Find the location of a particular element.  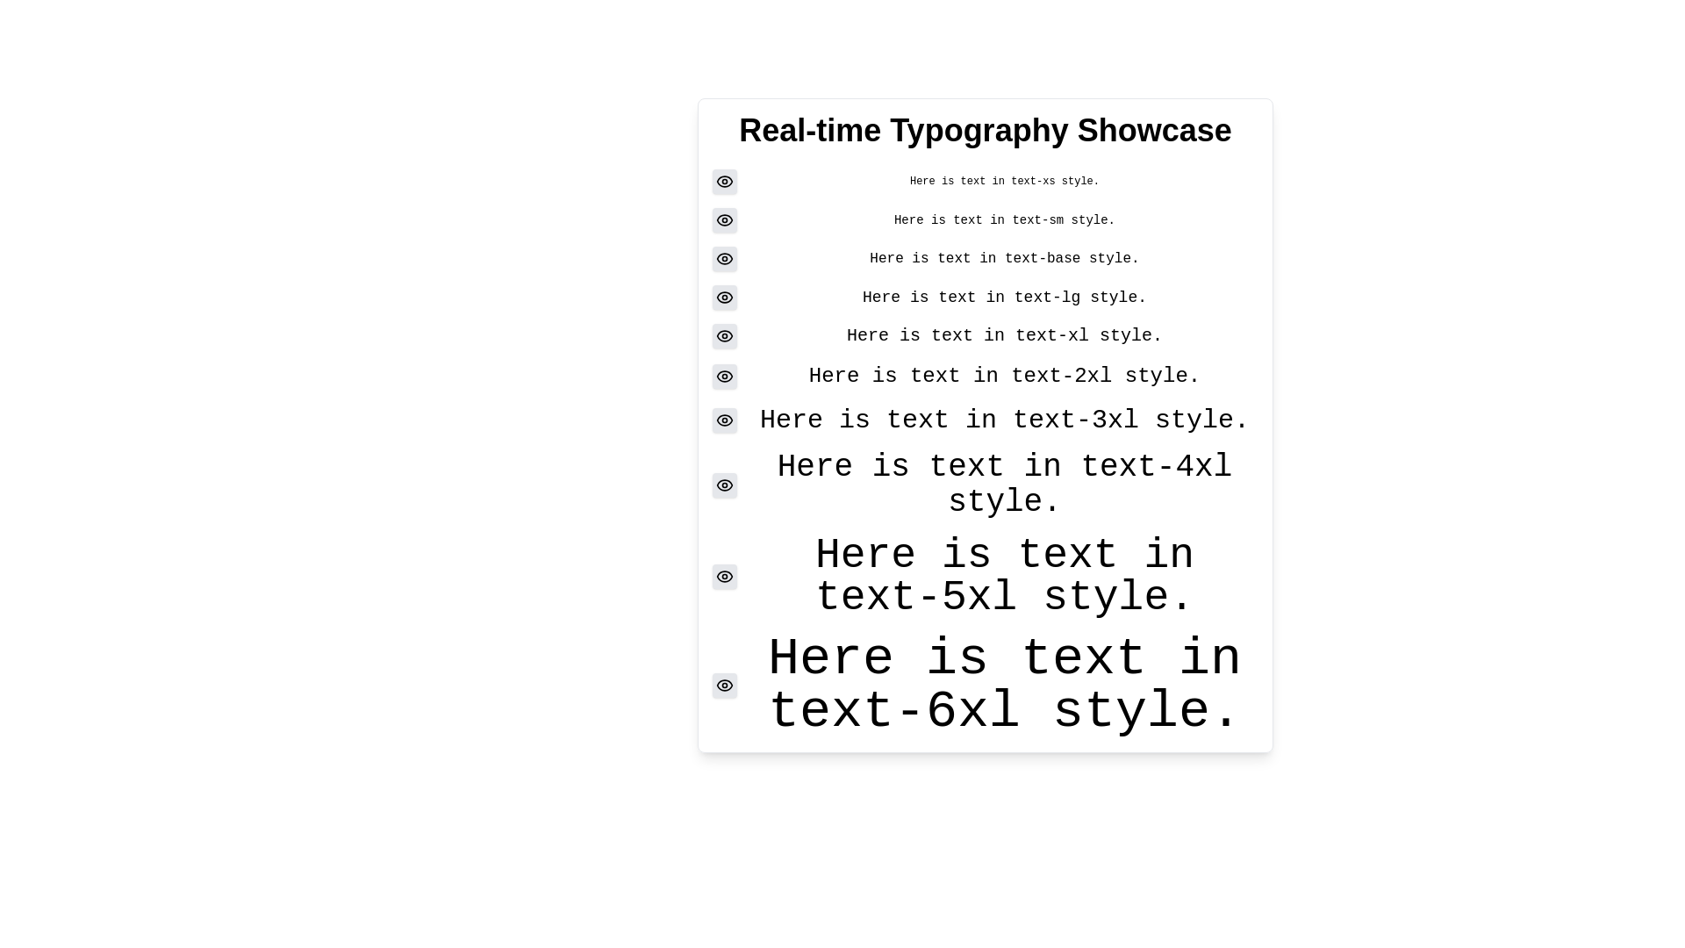

the button with a light gray background and an eye icon, located to the left of the text 'Here is text in text-3xl style', for keyboard interaction is located at coordinates (724, 420).